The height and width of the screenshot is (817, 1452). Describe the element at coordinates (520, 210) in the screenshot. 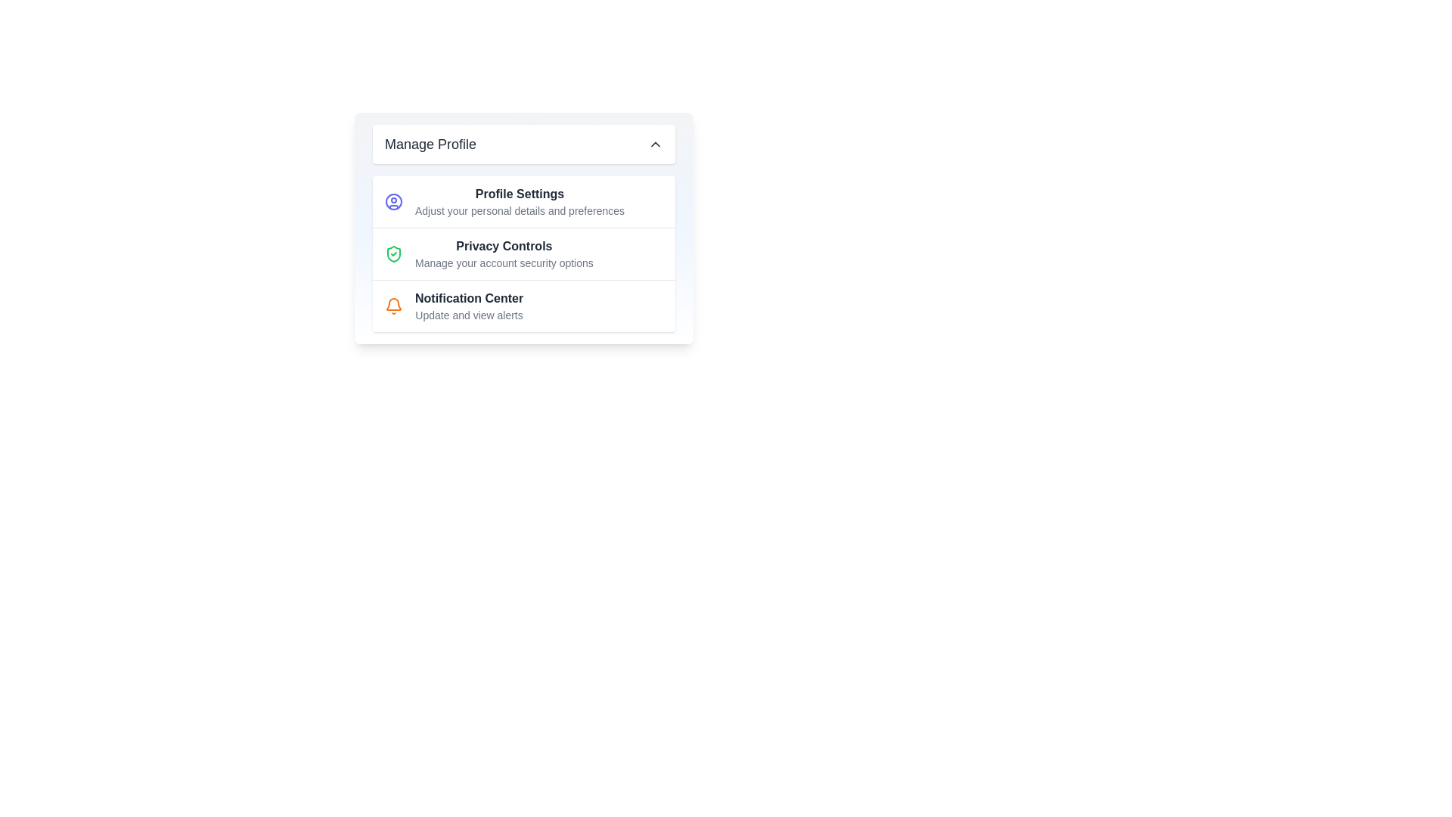

I see `the descriptive text element located beneath the 'Profile Settings' label, which is part of the 'Manage Profile' group` at that location.